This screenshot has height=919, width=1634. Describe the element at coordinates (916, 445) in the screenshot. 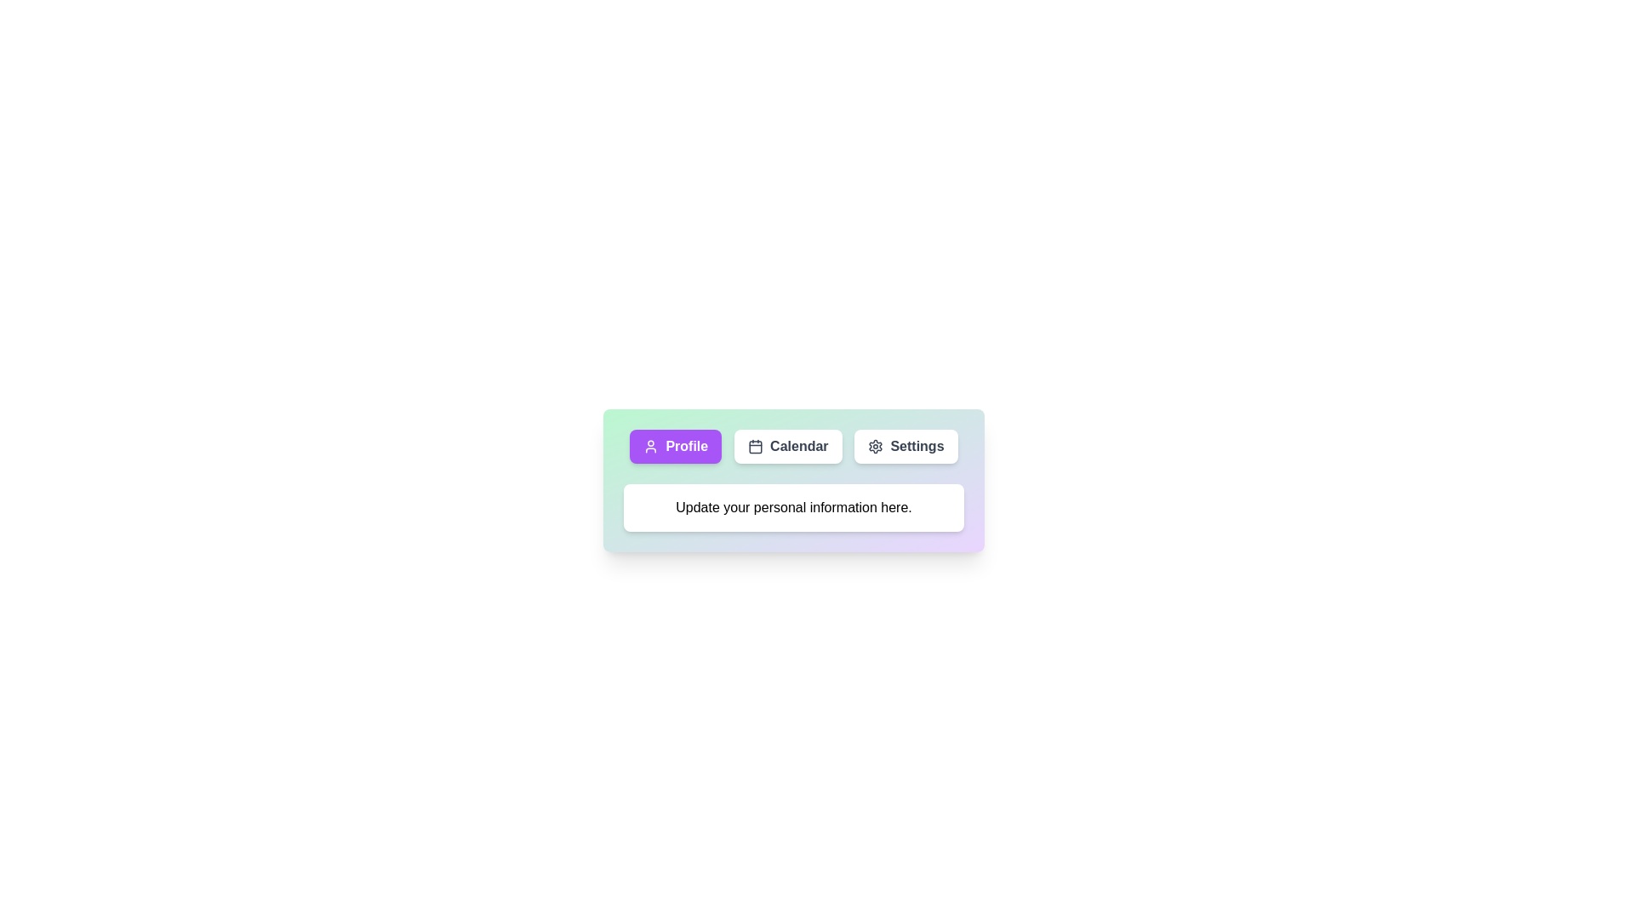

I see `the enclosing button labeled 'Settings', which is part of a button group in the settings section` at that location.